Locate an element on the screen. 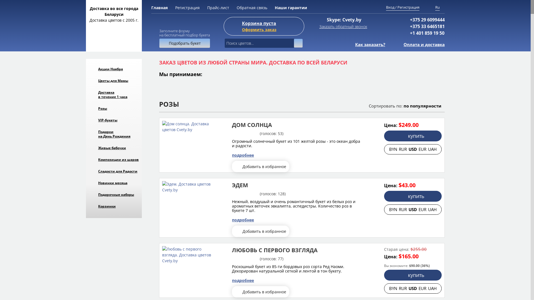 This screenshot has width=534, height=300. 'UAH' is located at coordinates (432, 149).